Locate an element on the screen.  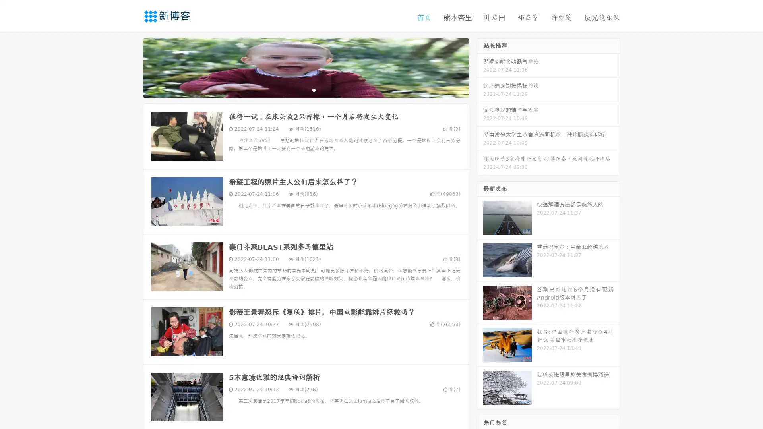
Next slide is located at coordinates (480, 67).